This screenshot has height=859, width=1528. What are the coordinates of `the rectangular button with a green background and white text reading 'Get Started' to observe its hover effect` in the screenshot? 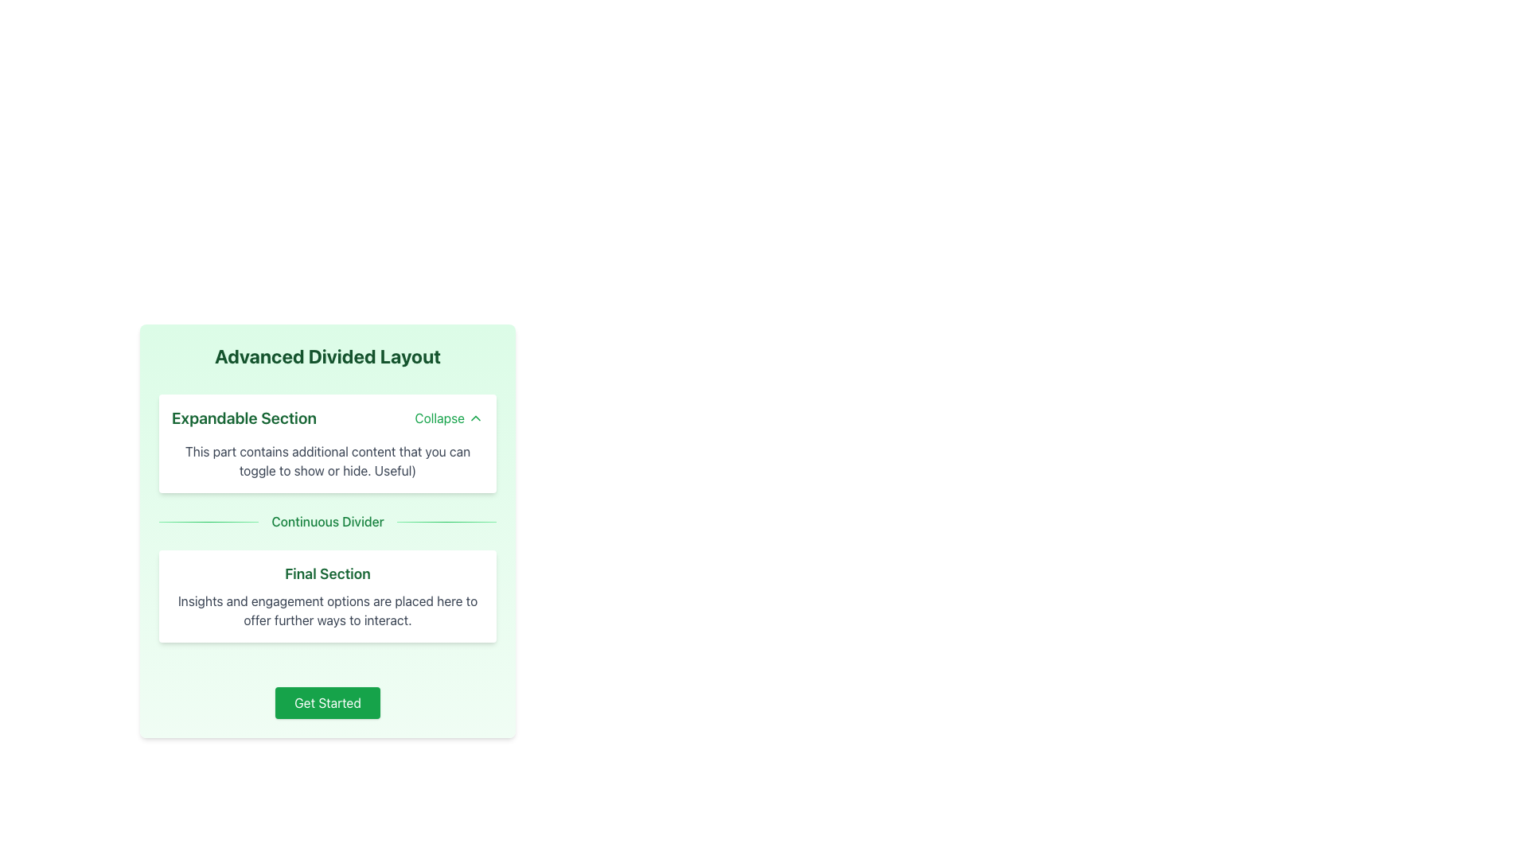 It's located at (327, 702).